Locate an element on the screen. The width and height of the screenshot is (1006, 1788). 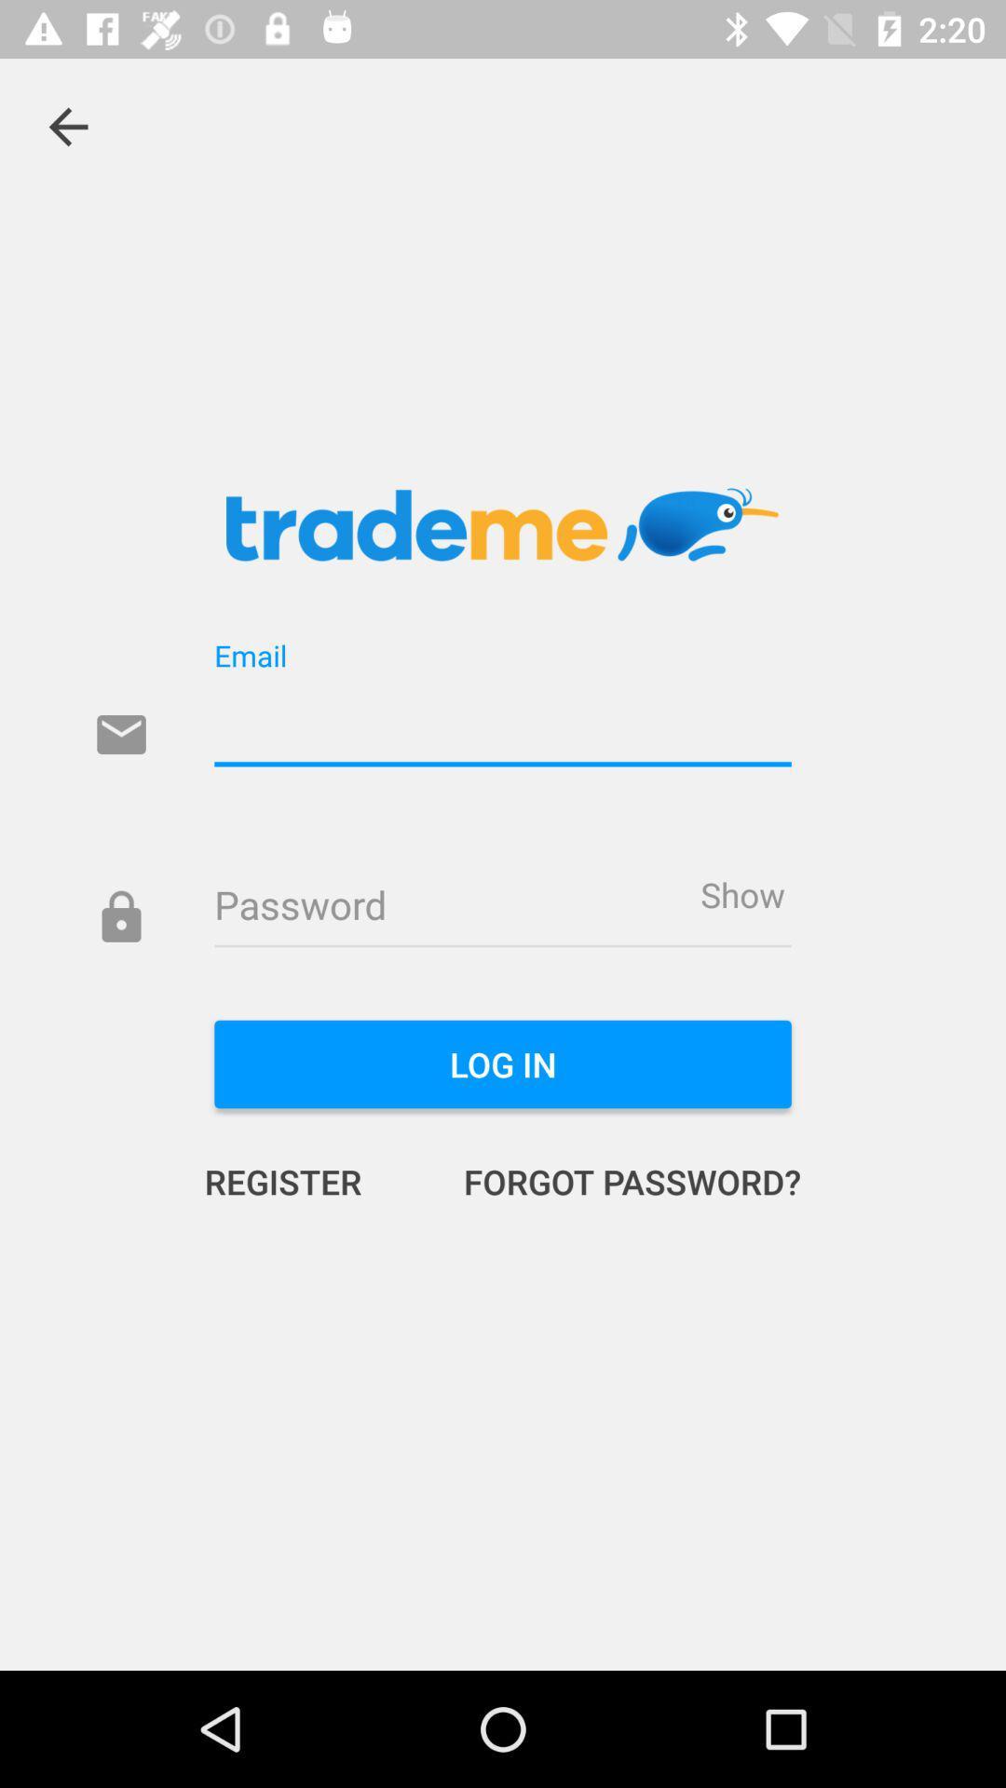
forgot password? item is located at coordinates (613, 1180).